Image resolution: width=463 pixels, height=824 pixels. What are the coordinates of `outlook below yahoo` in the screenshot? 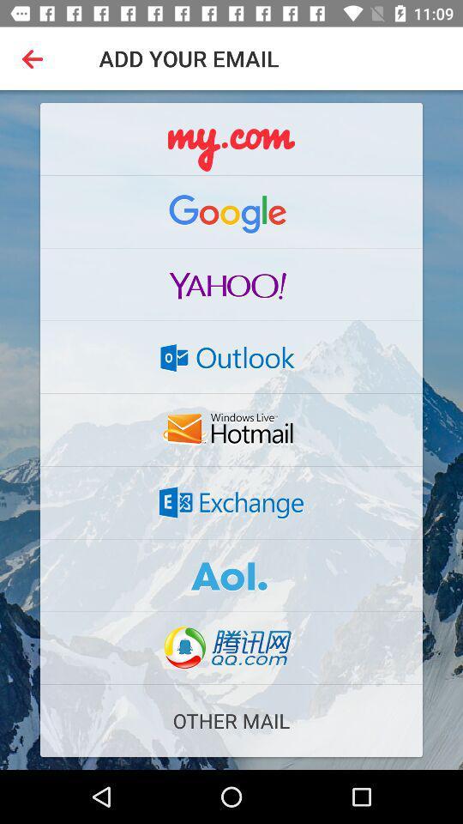 It's located at (231, 355).